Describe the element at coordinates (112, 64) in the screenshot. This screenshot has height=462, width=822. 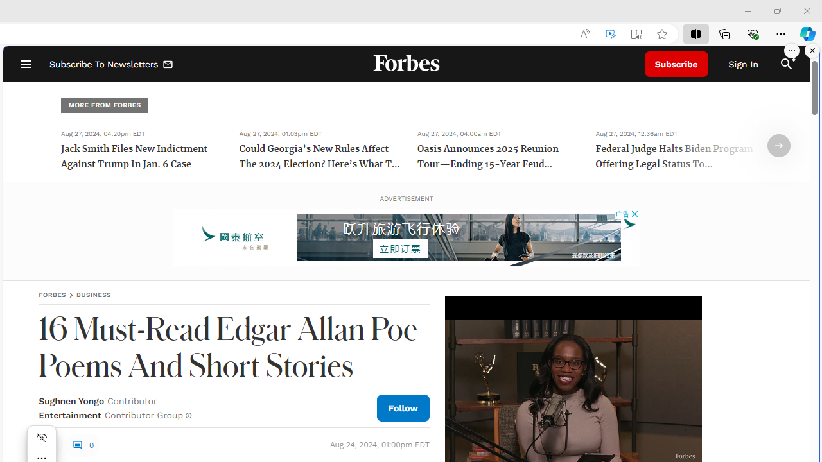
I see `'Subscribe To Newsletters'` at that location.